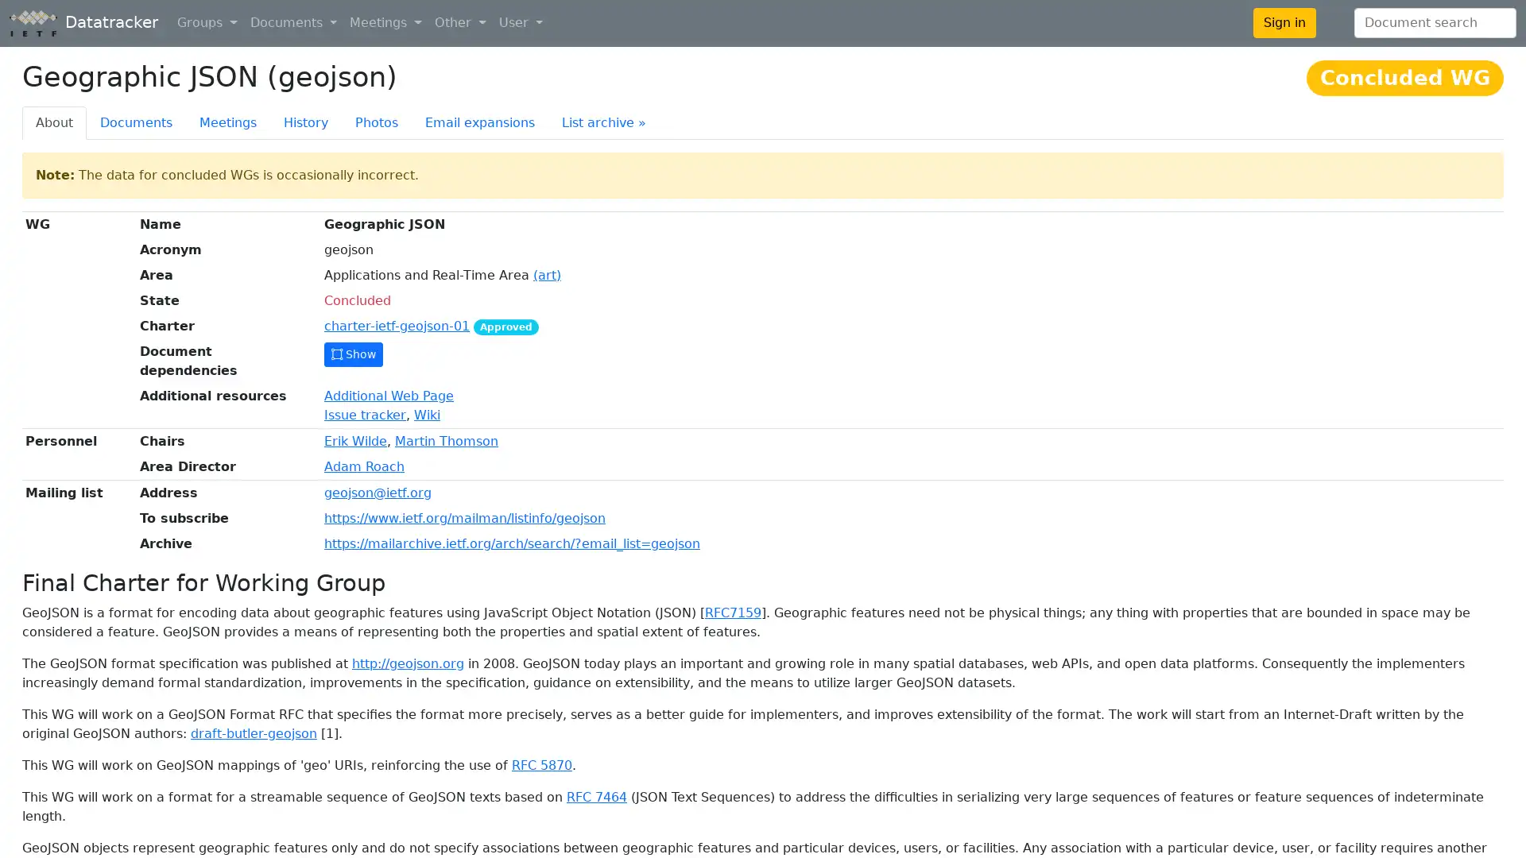 The image size is (1526, 858). I want to click on Groups, so click(206, 23).